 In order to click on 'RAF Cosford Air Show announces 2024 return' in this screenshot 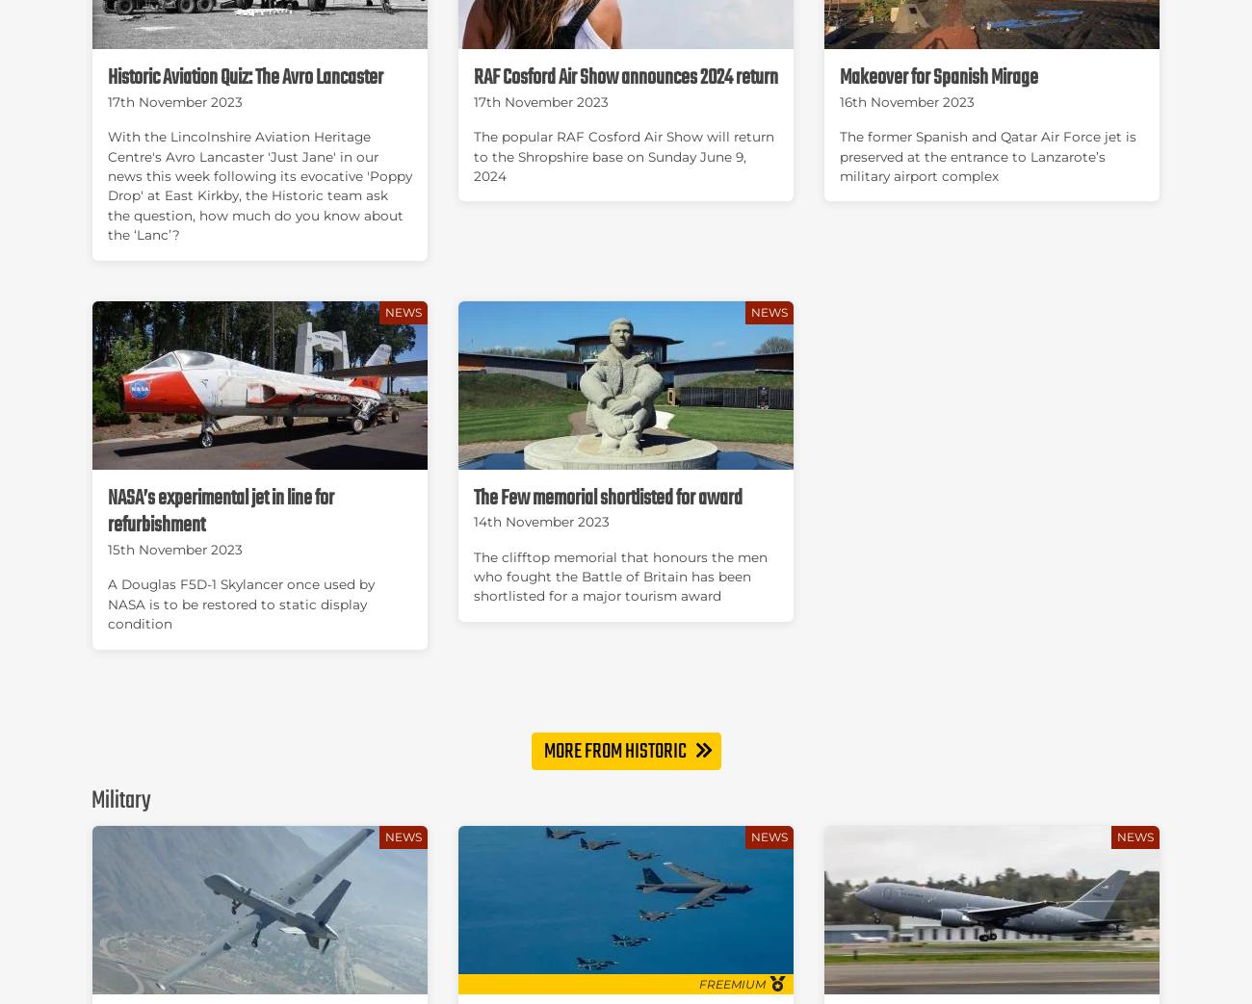, I will do `click(473, 76)`.